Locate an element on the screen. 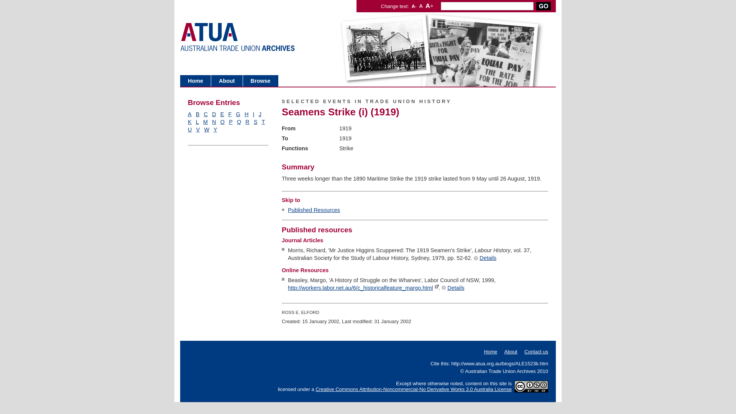 This screenshot has width=736, height=414. 'Details' is located at coordinates (485, 258).